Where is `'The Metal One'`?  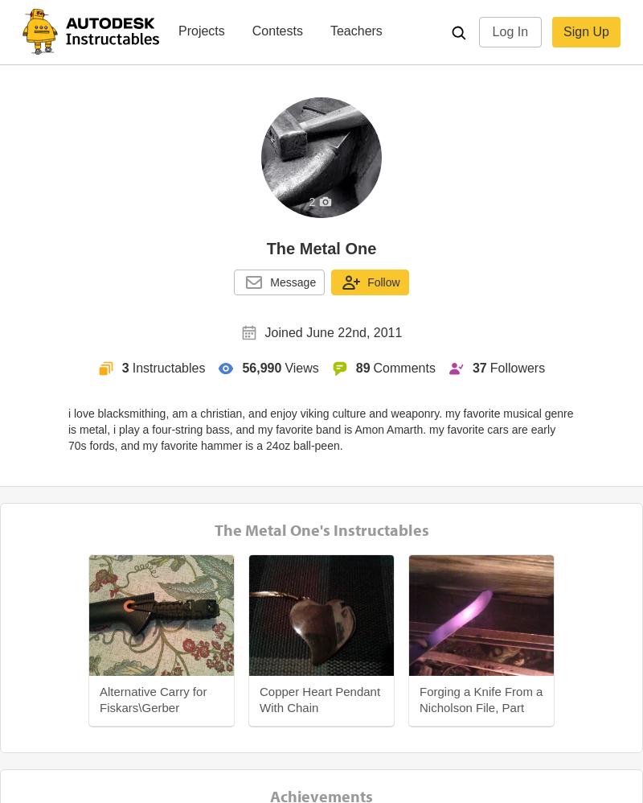 'The Metal One' is located at coordinates (320, 248).